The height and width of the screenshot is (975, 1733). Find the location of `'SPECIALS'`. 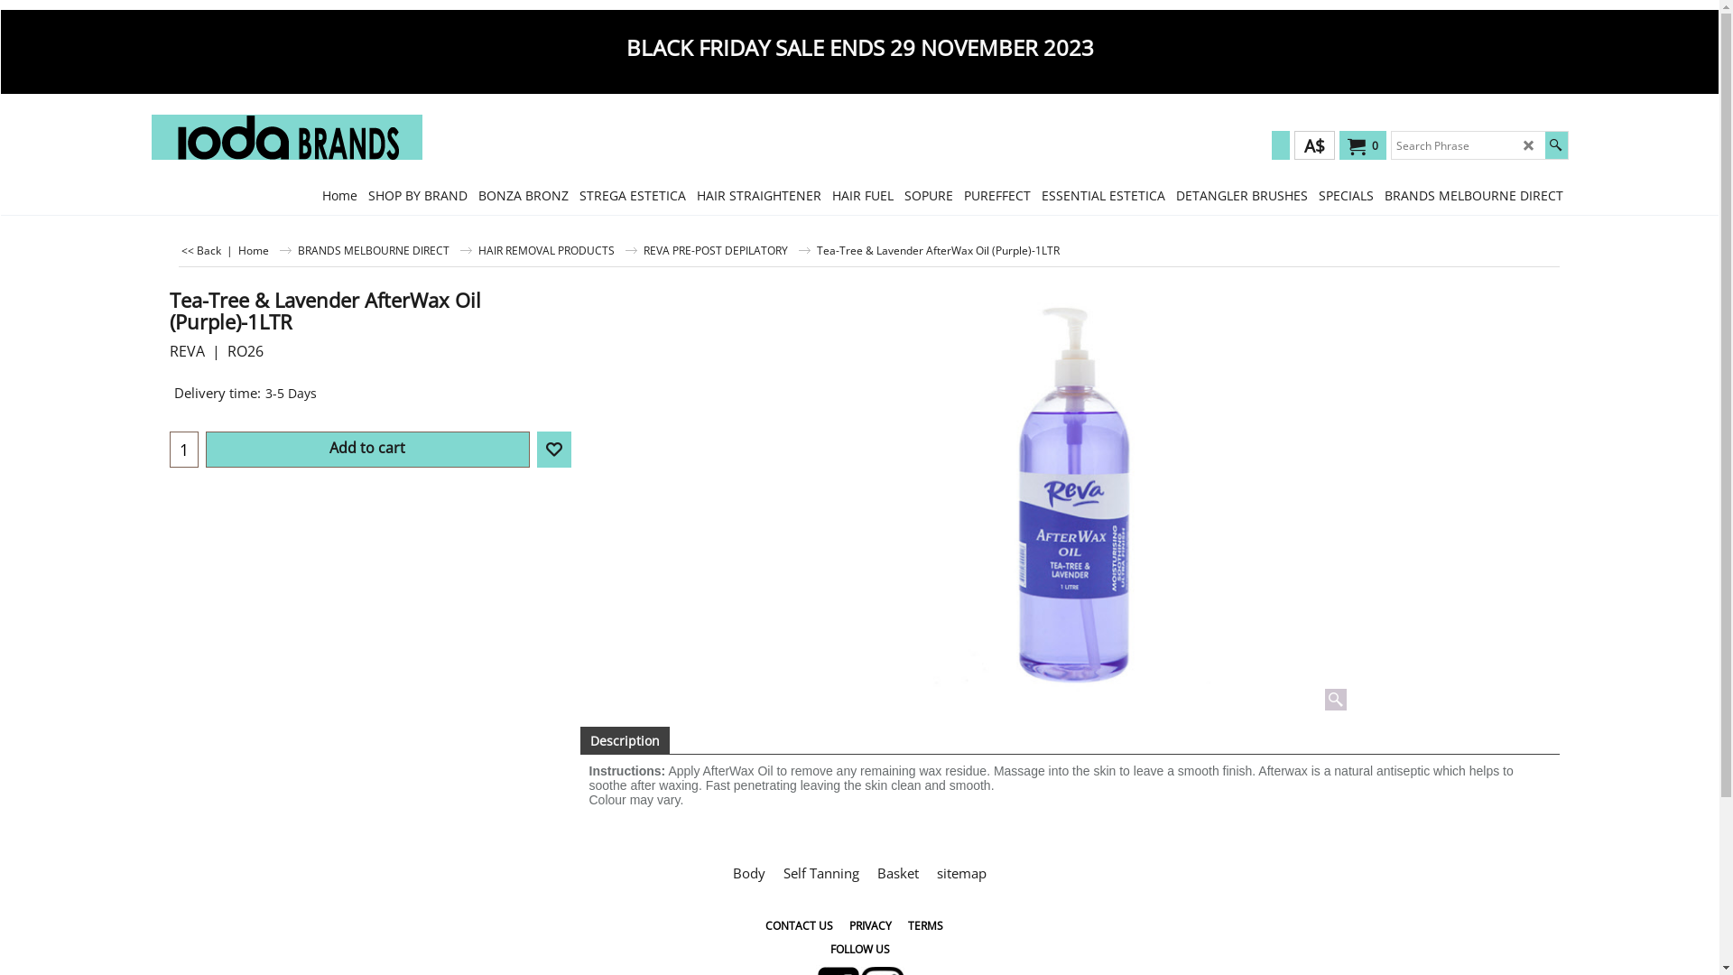

'SPECIALS' is located at coordinates (1312, 194).